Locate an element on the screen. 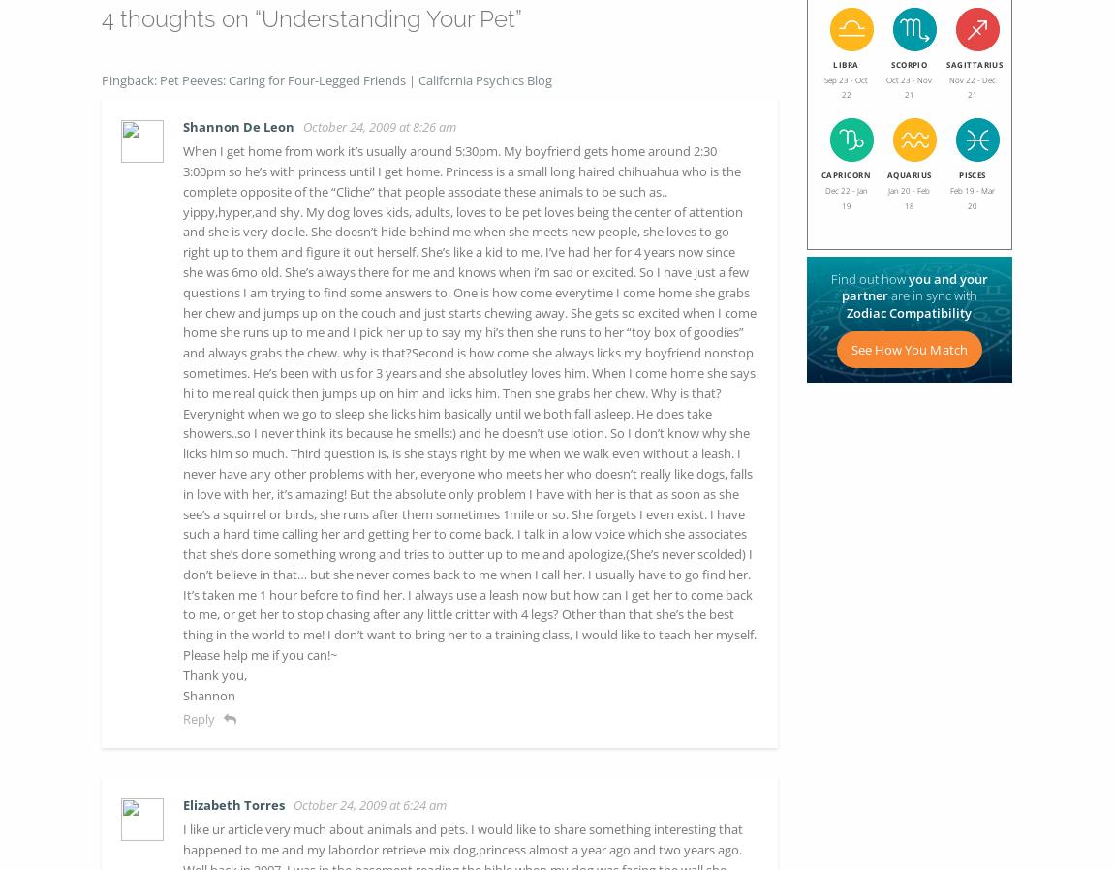  'PISCES' is located at coordinates (972, 173).